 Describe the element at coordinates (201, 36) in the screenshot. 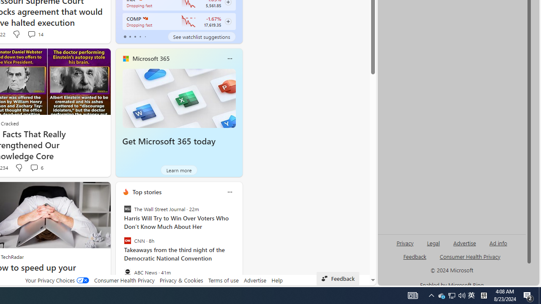

I see `'See watchlist suggestions'` at that location.